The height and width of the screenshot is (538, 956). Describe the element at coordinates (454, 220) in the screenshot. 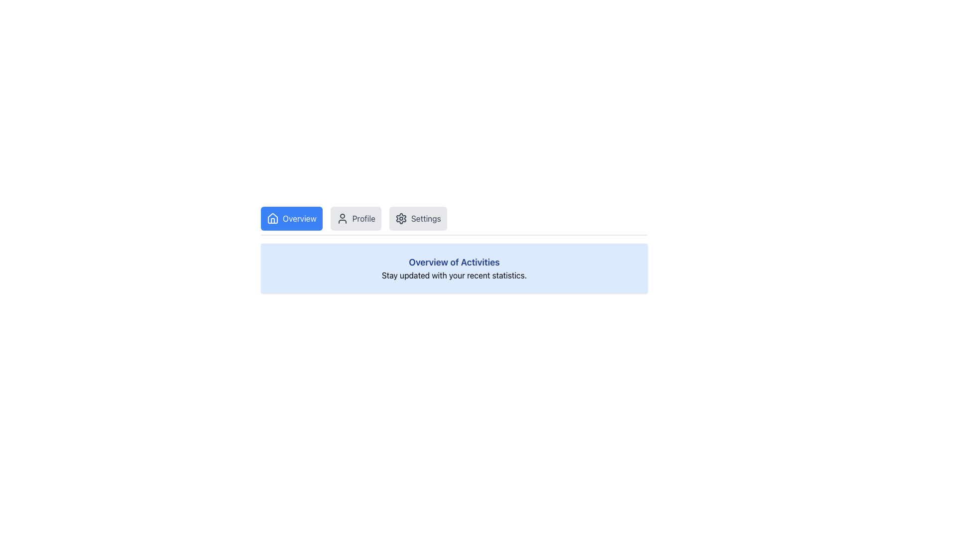

I see `the navigation bar located at the top of the interface to switch between sections, specifically targeting the entire row of buttons including 'Overview', 'Profile', and 'Settings'` at that location.